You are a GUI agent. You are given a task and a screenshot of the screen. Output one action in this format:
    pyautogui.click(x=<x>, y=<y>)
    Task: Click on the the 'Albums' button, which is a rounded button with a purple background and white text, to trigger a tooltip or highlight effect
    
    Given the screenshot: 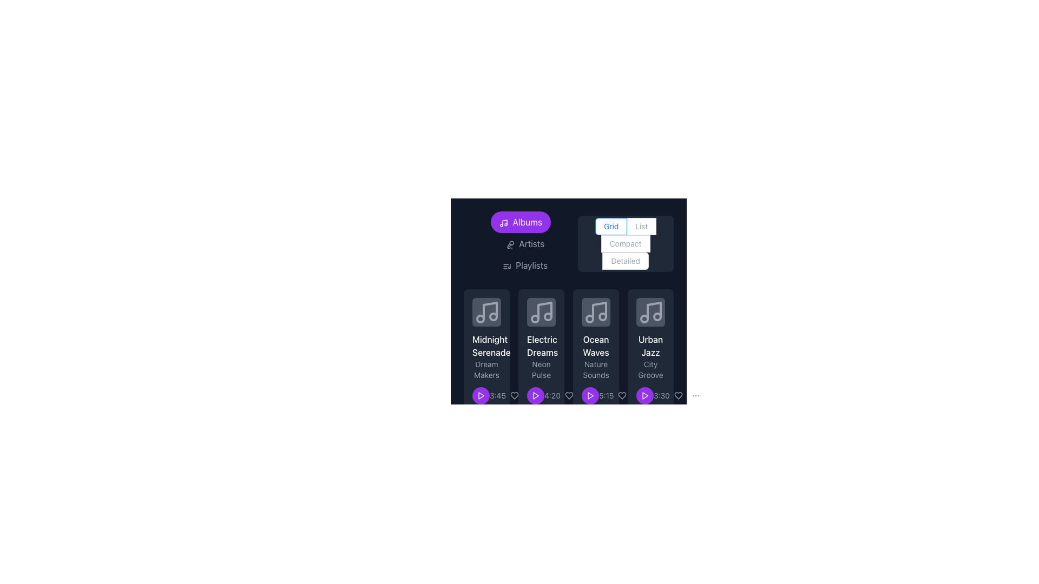 What is the action you would take?
    pyautogui.click(x=521, y=222)
    